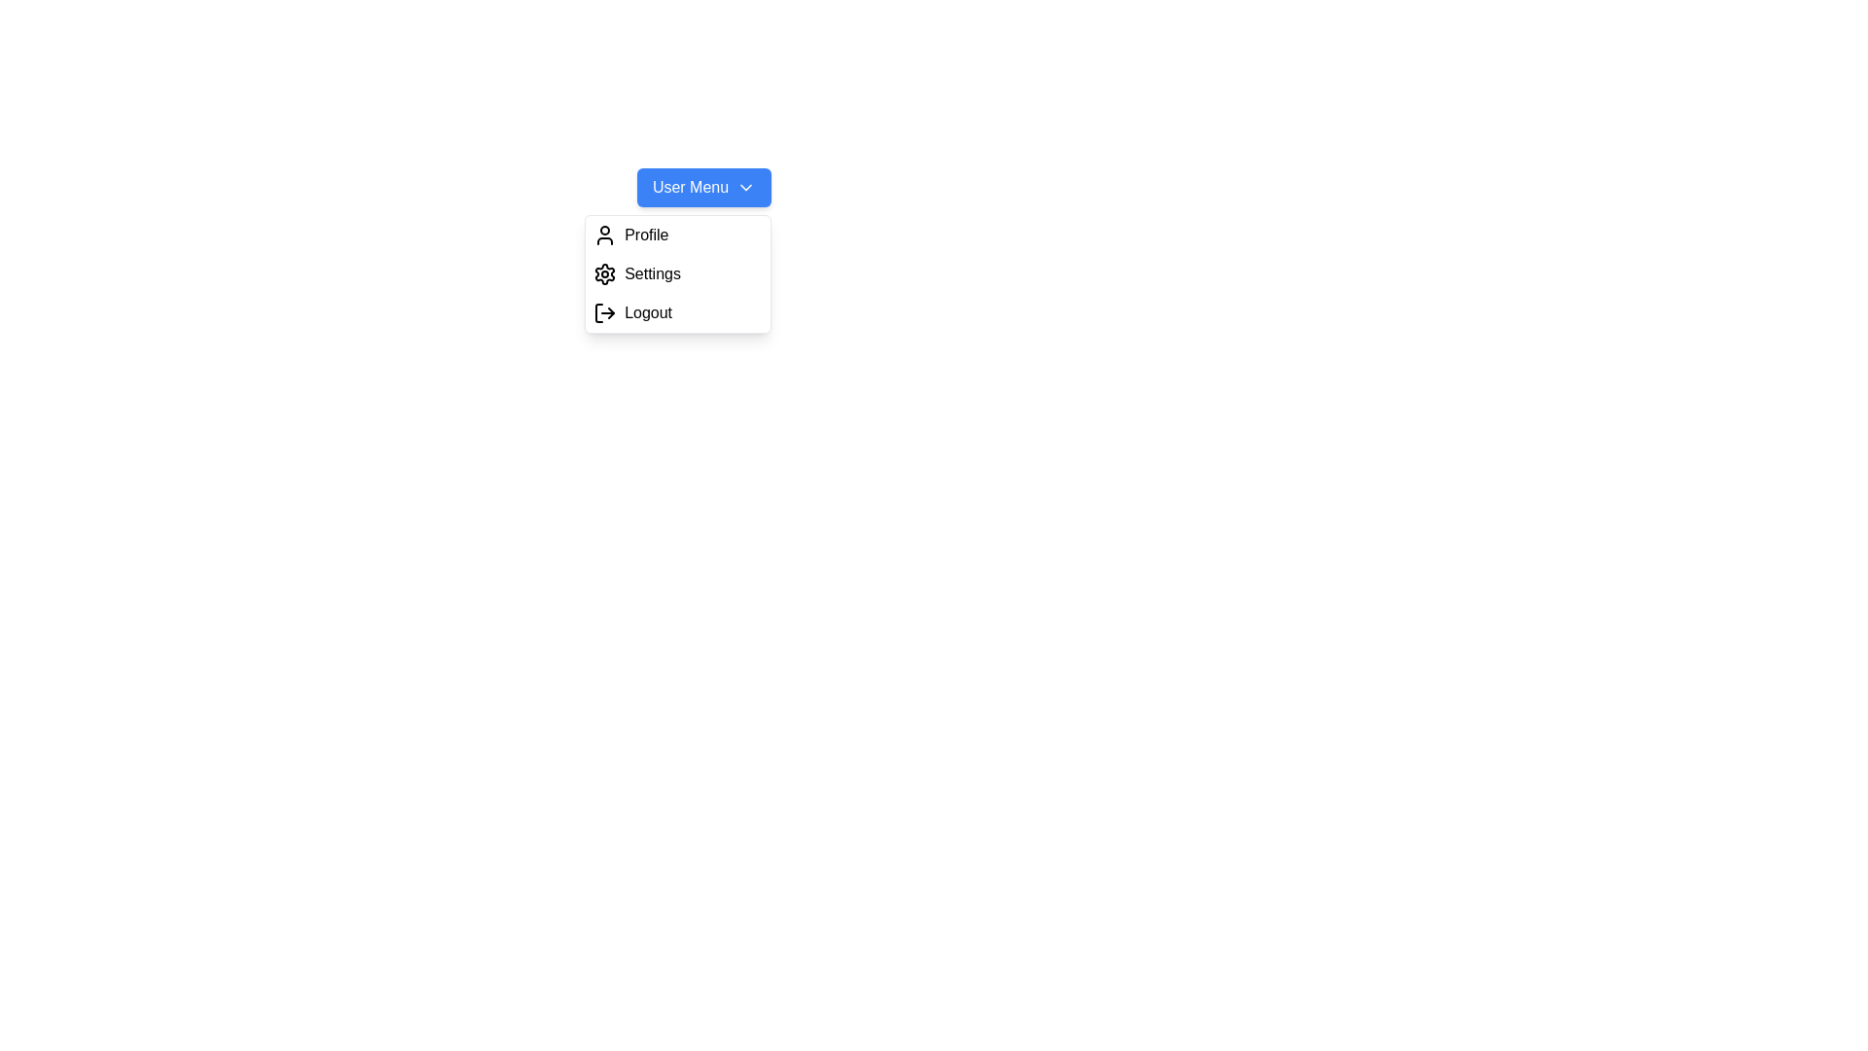  Describe the element at coordinates (678, 311) in the screenshot. I see `the logout button located at the bottom of the vertical dropdown menu, which is the last item after 'Profile' and 'Settings' options` at that location.